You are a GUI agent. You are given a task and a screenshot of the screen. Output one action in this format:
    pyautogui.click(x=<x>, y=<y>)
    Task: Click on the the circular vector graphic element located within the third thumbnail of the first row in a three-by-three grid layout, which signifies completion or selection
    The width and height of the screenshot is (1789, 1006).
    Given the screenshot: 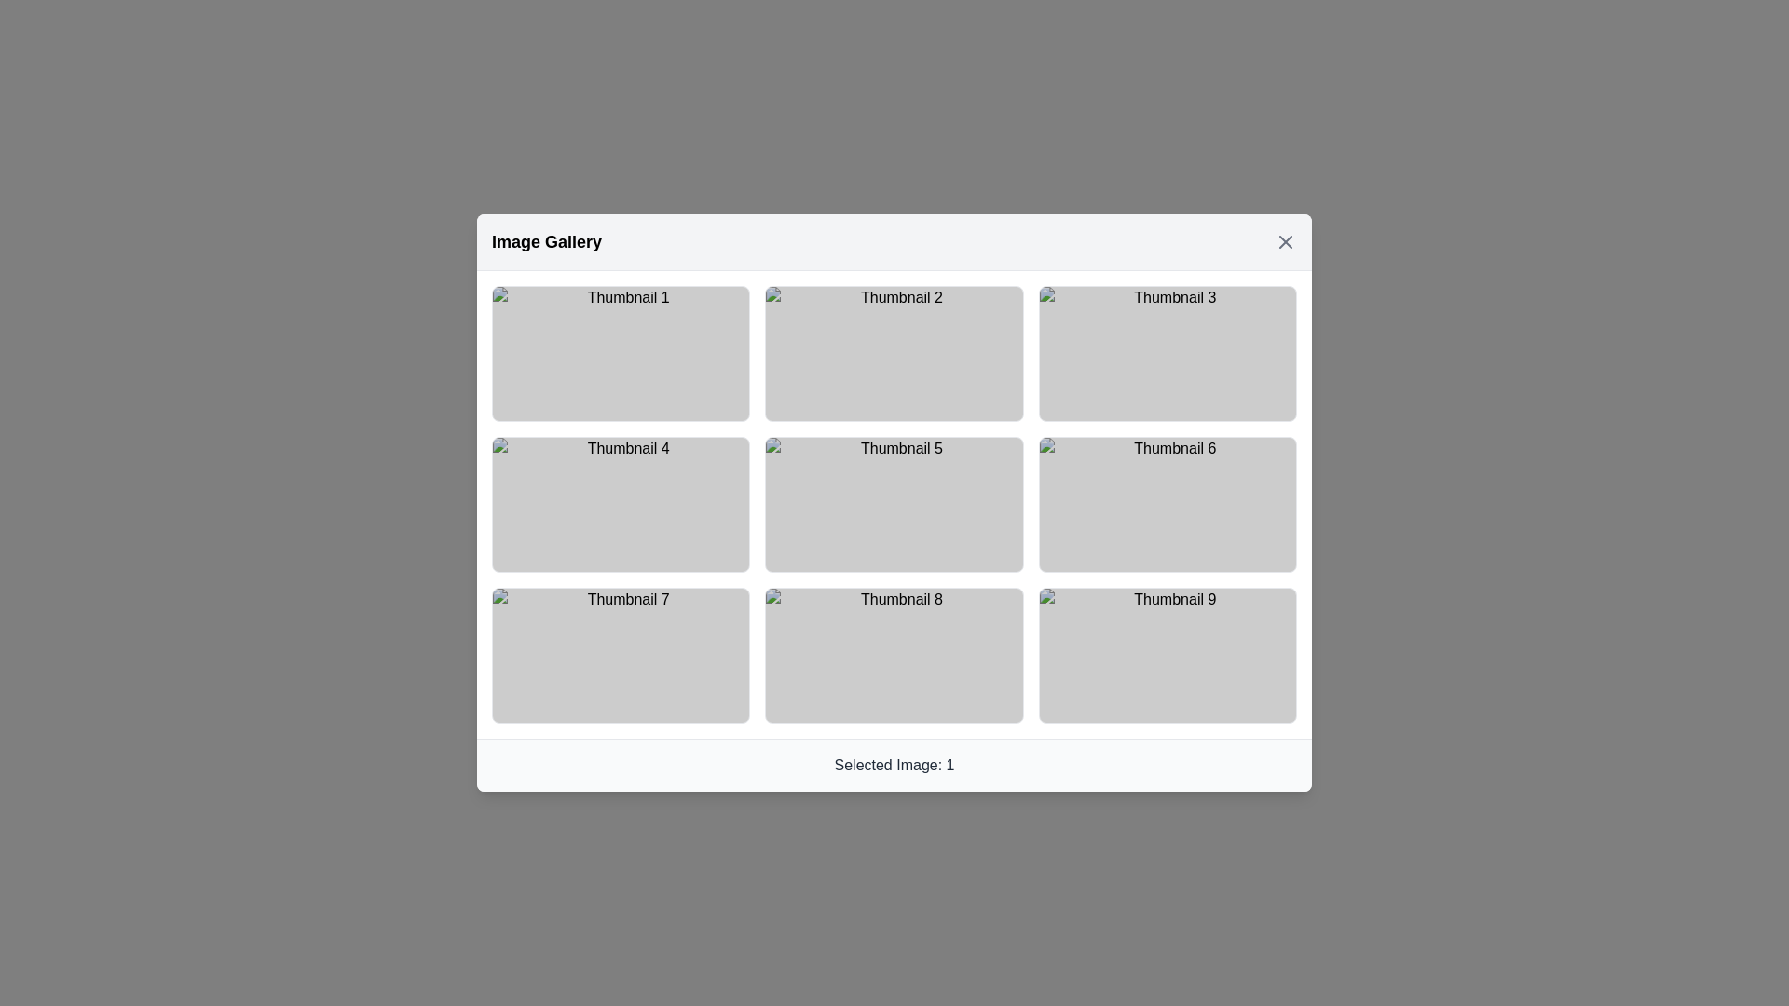 What is the action you would take?
    pyautogui.click(x=1167, y=354)
    